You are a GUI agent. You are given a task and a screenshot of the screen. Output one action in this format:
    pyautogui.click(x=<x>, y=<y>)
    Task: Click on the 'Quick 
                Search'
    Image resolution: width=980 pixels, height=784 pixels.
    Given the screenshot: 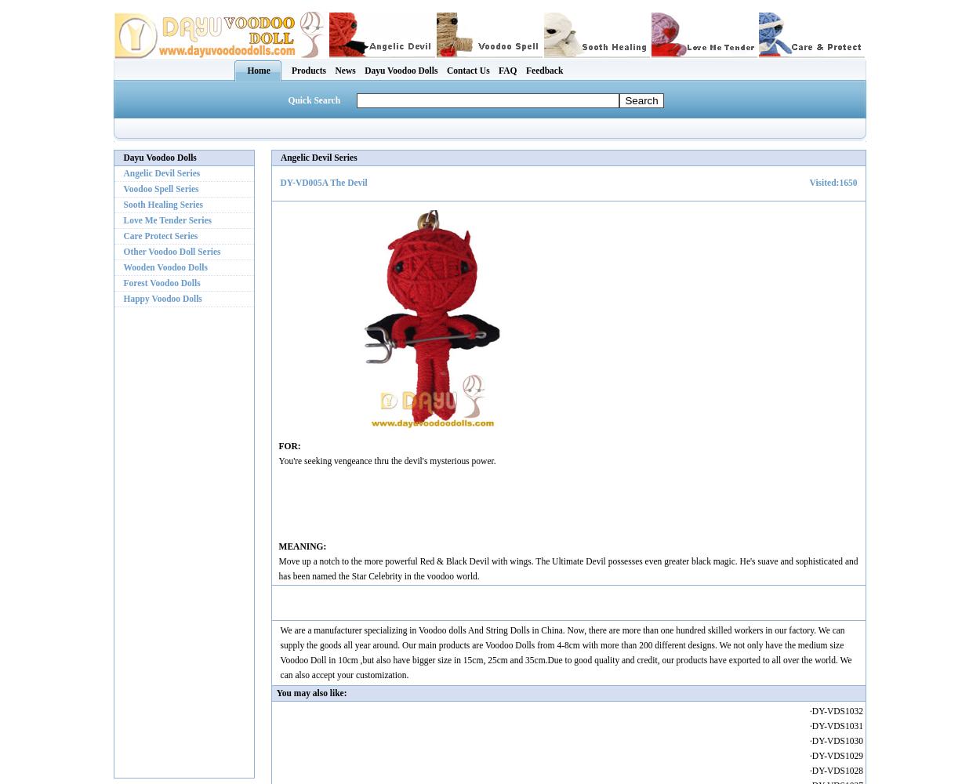 What is the action you would take?
    pyautogui.click(x=314, y=100)
    